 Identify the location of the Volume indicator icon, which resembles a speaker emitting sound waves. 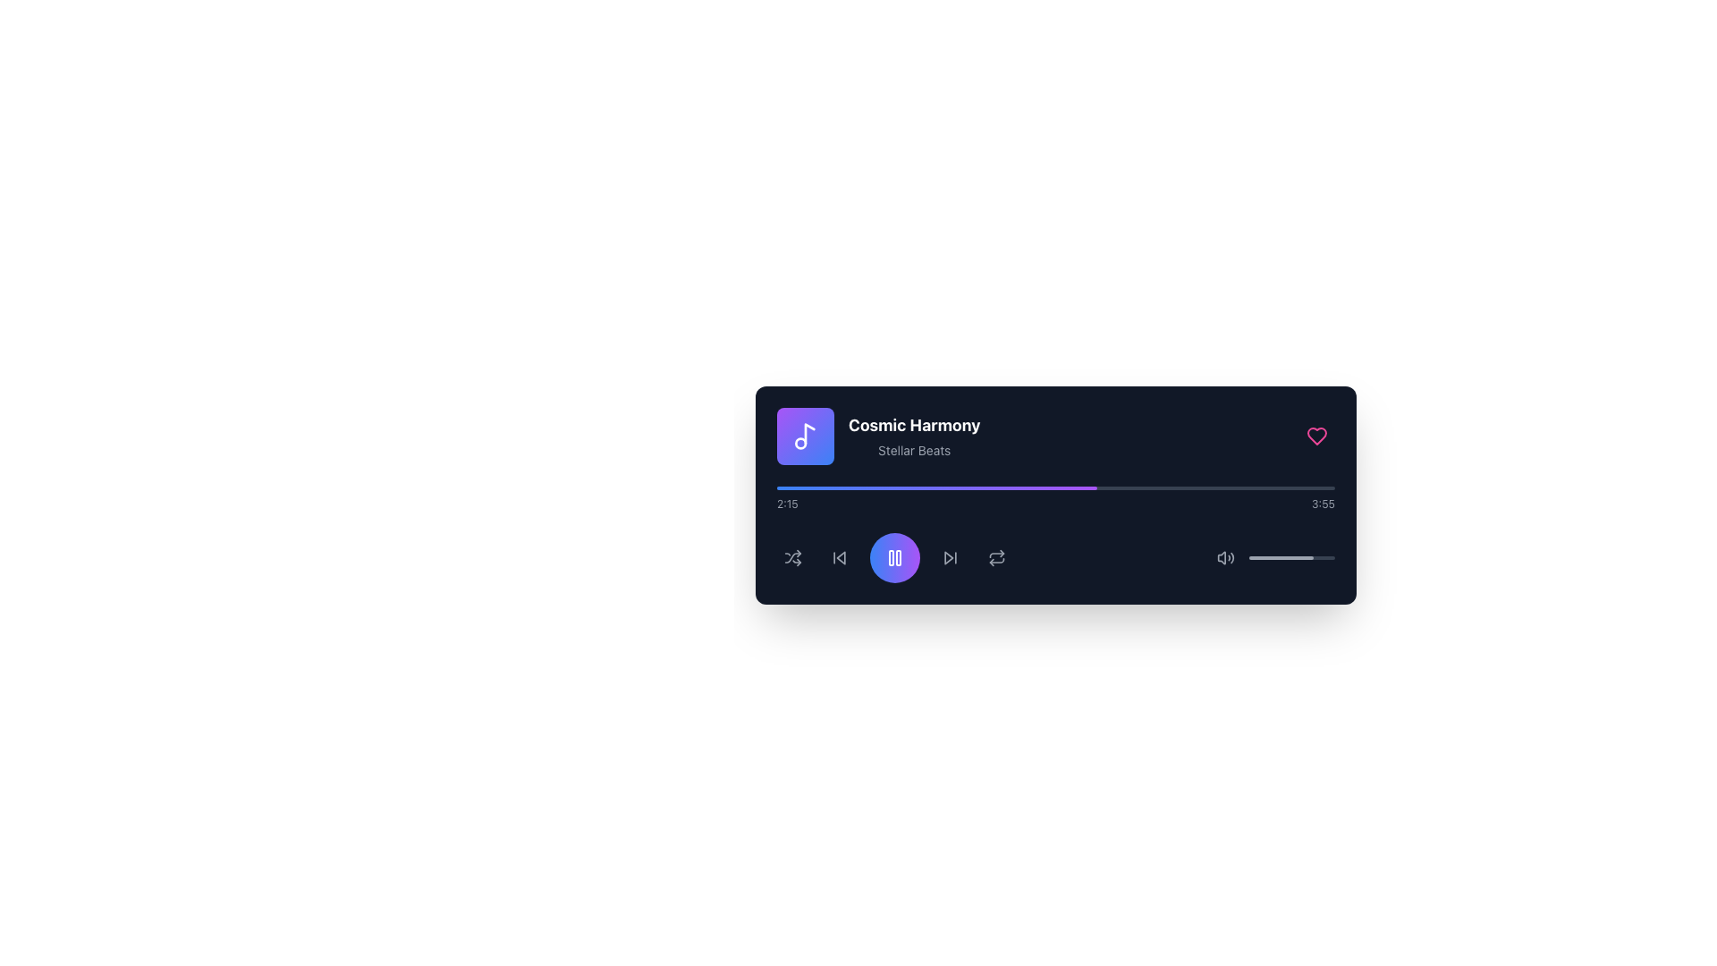
(1225, 557).